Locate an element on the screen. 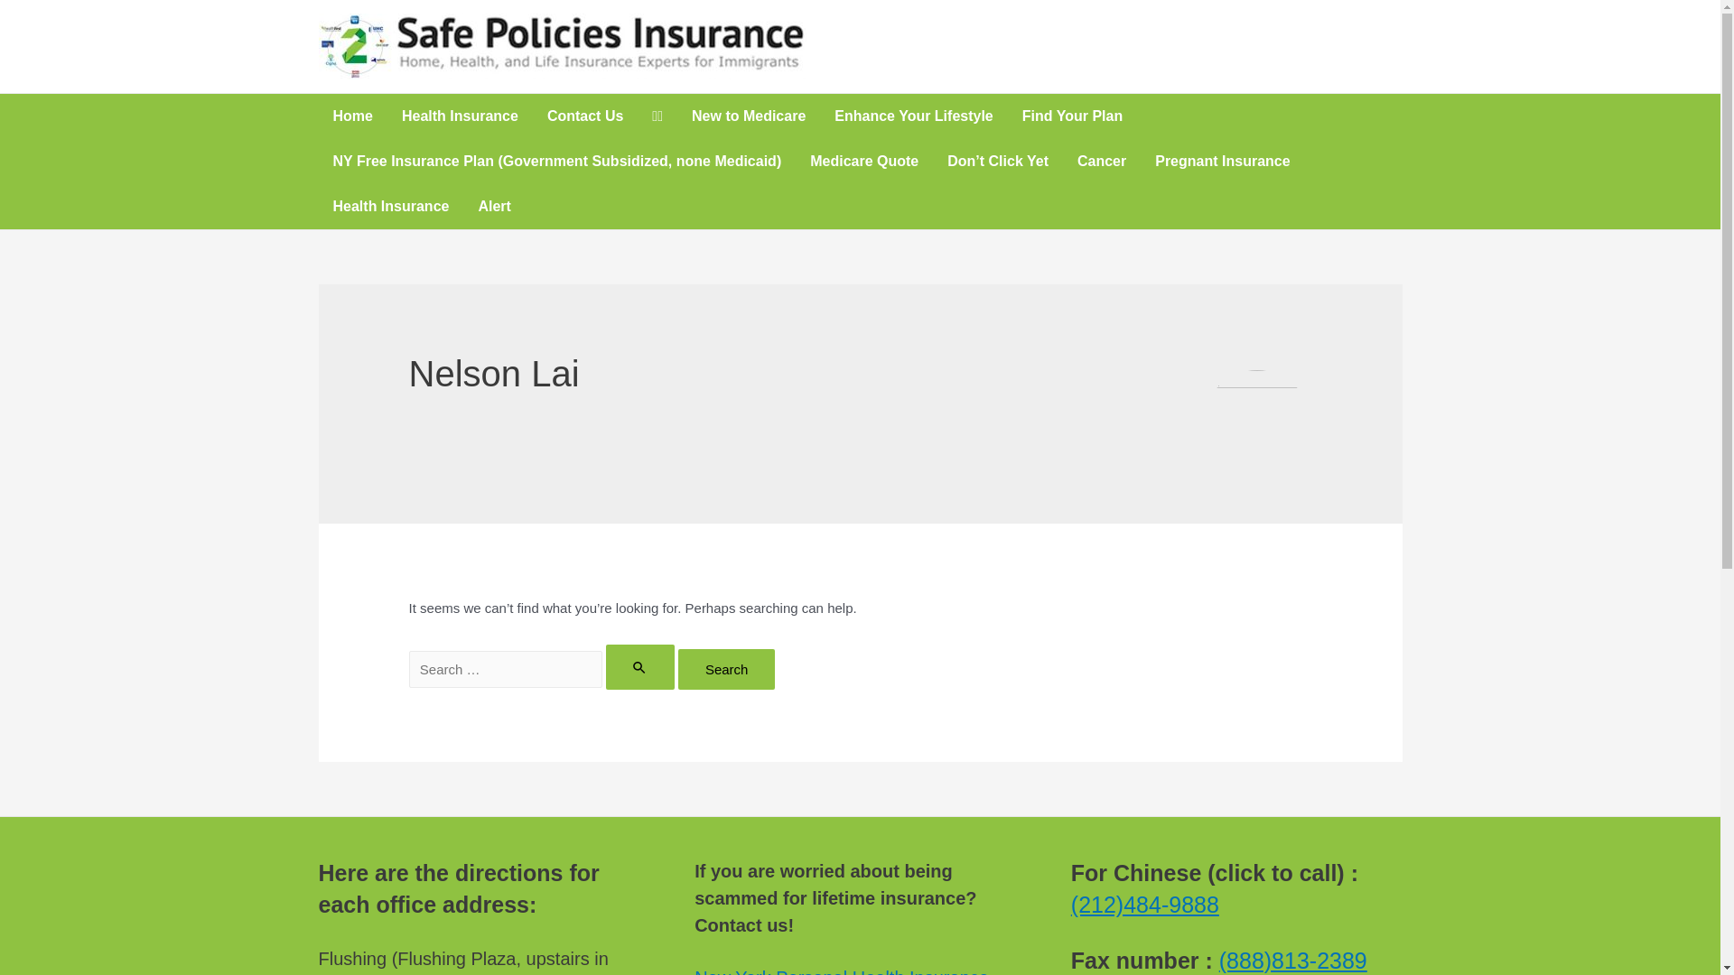  'Health Insurance' is located at coordinates (389, 205).